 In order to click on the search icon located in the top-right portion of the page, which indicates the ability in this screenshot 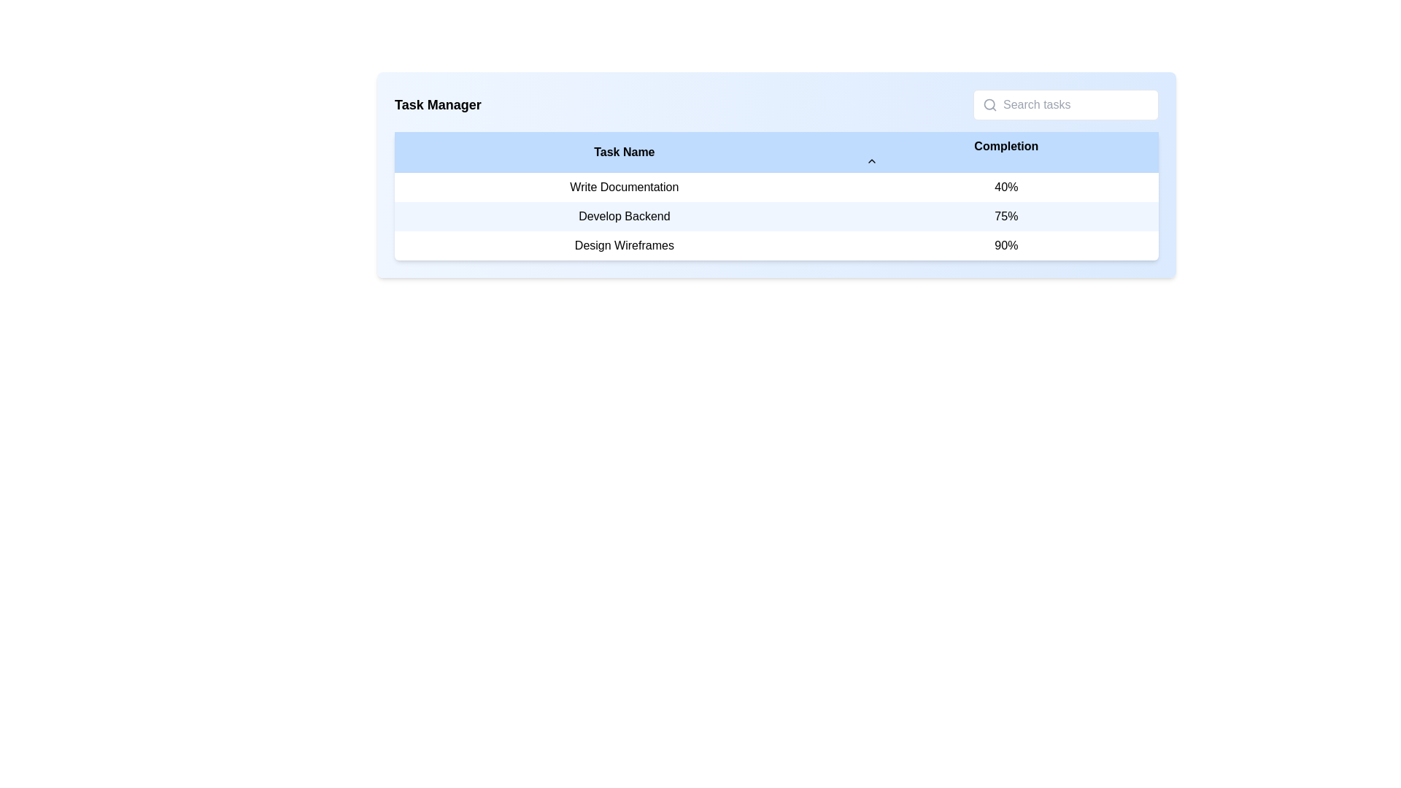, I will do `click(990, 104)`.